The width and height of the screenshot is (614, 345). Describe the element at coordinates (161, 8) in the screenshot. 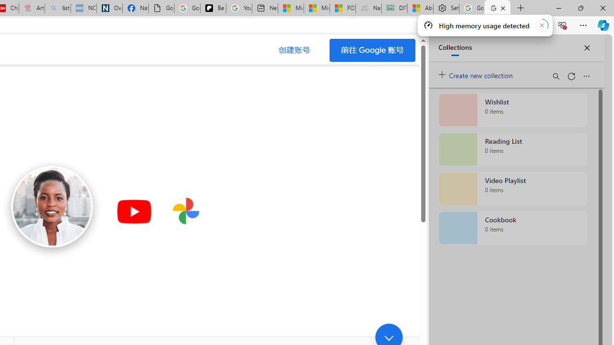

I see `'Google Analytics Opt-out Browser Add-on Download Page'` at that location.